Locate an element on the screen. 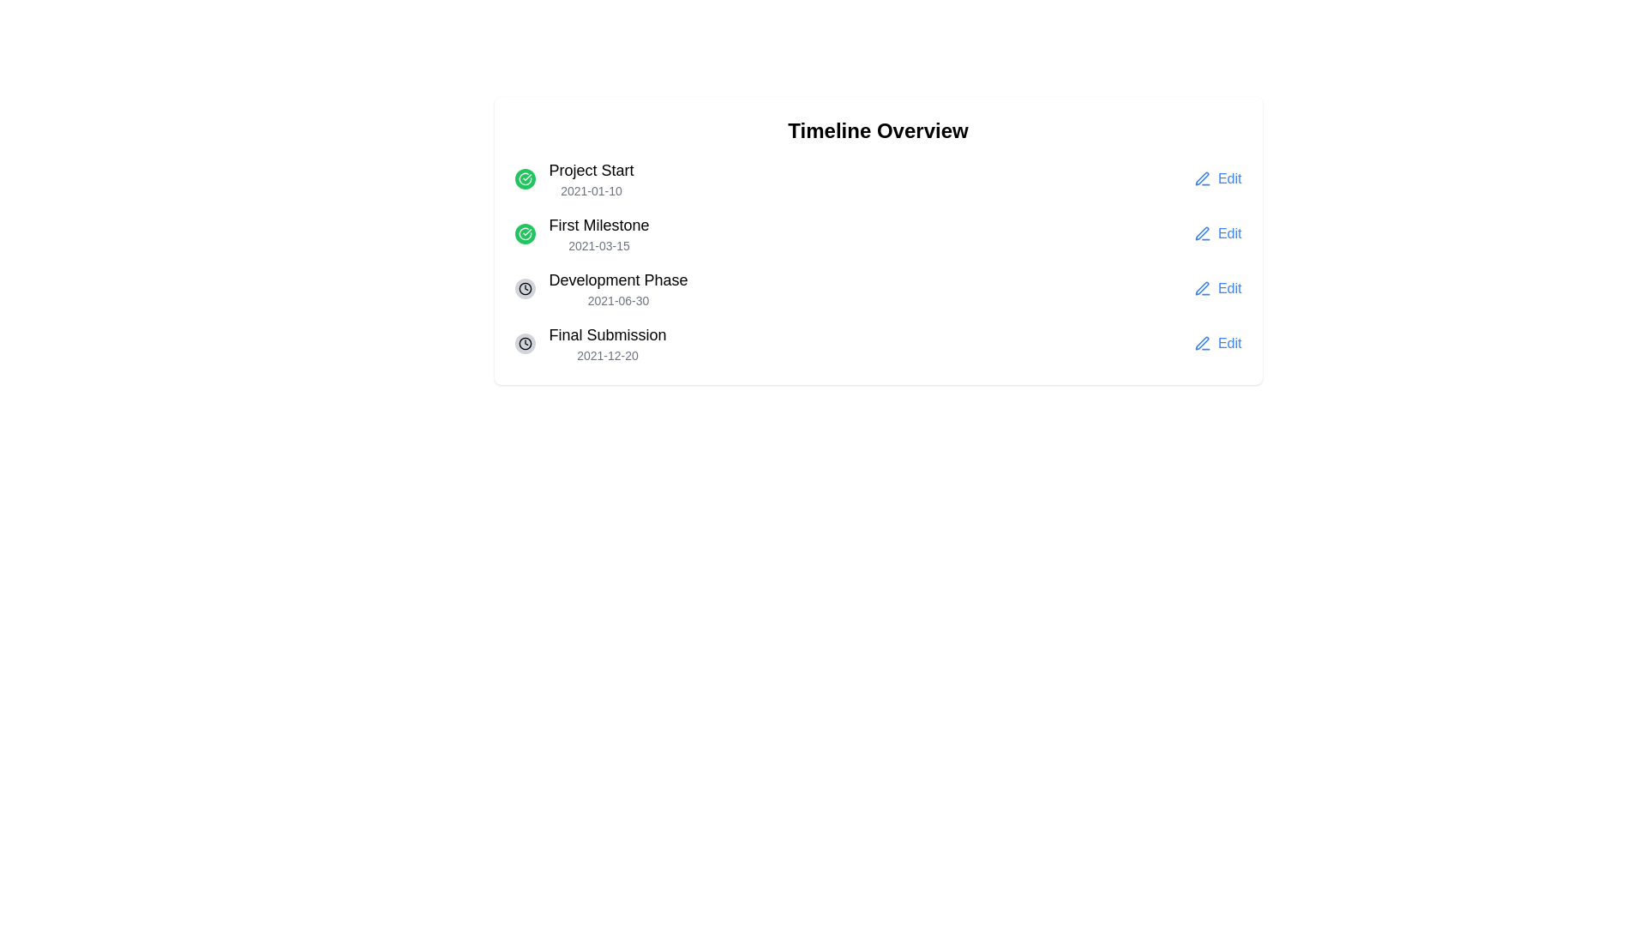 The height and width of the screenshot is (926, 1646). the pen icon located to the right of the label 'Final Submission' in the last row of the timeline overview to initiate editing is located at coordinates (1201, 344).